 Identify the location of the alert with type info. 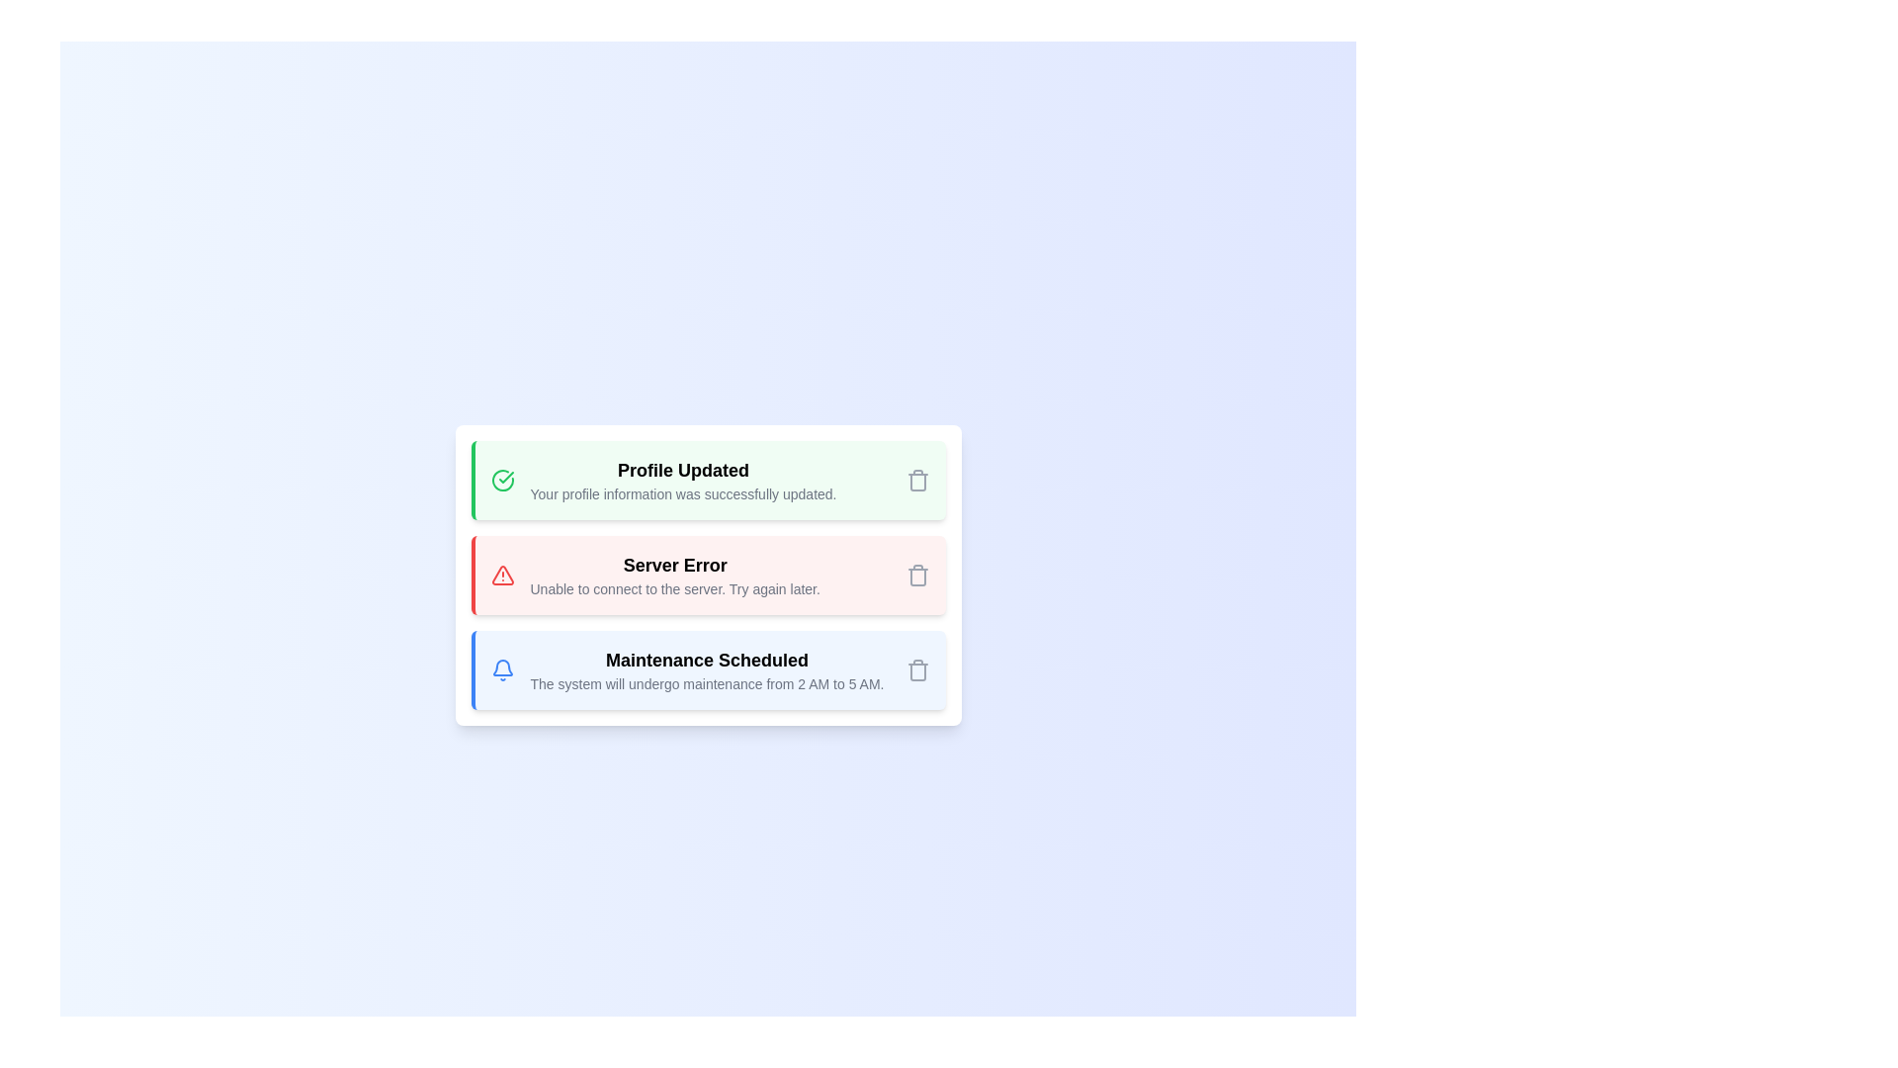
(708, 669).